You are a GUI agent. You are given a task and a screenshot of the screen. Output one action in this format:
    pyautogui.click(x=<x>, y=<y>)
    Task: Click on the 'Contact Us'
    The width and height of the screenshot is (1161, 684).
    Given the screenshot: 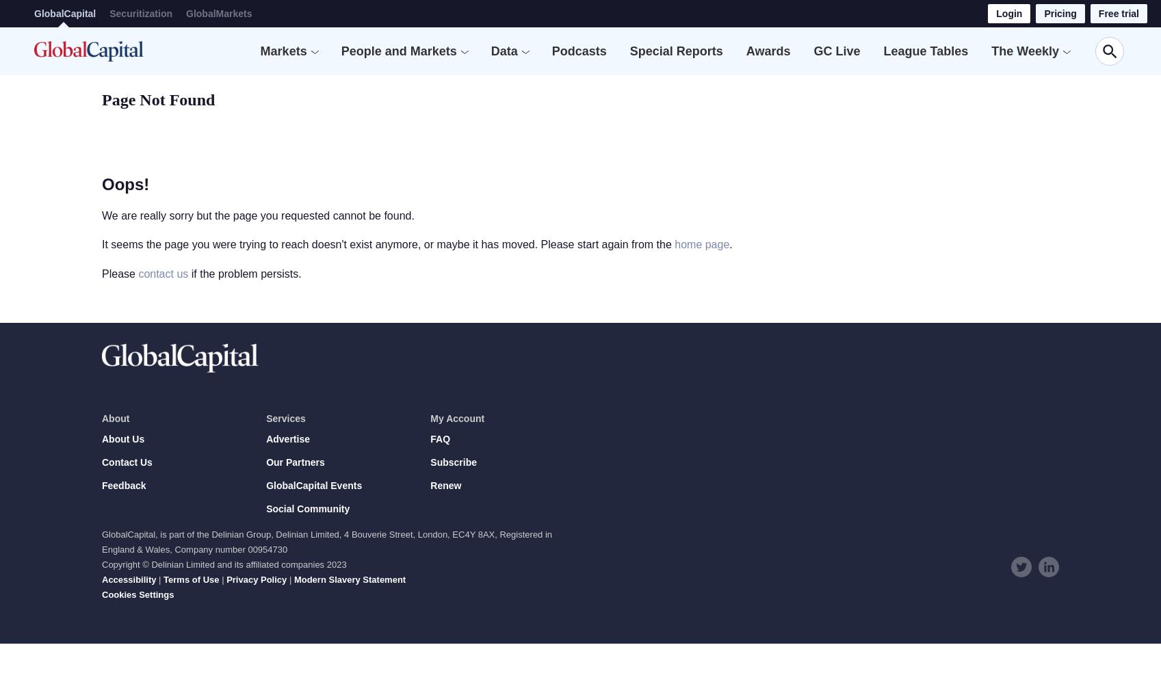 What is the action you would take?
    pyautogui.click(x=127, y=462)
    